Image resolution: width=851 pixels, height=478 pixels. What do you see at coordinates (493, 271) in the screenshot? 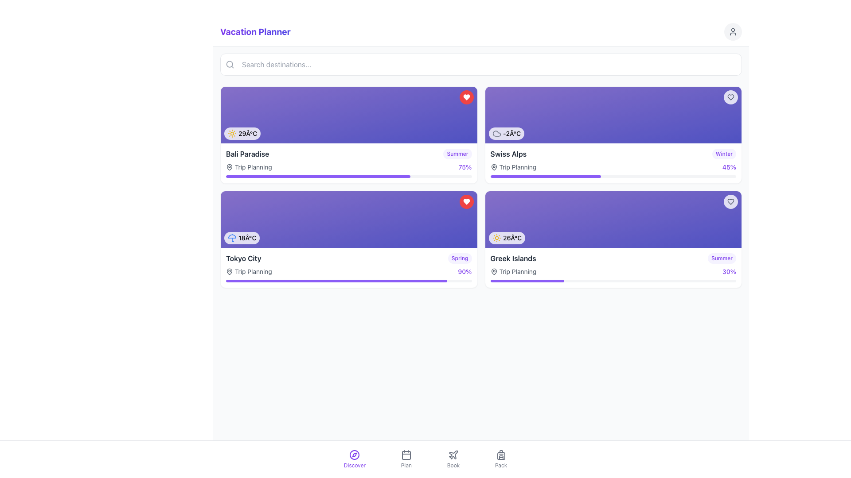
I see `the pin icon representing a map pin, which is styled gray and appears before the text 'Trip Planning' in the 'Tokyo City' card` at bounding box center [493, 271].